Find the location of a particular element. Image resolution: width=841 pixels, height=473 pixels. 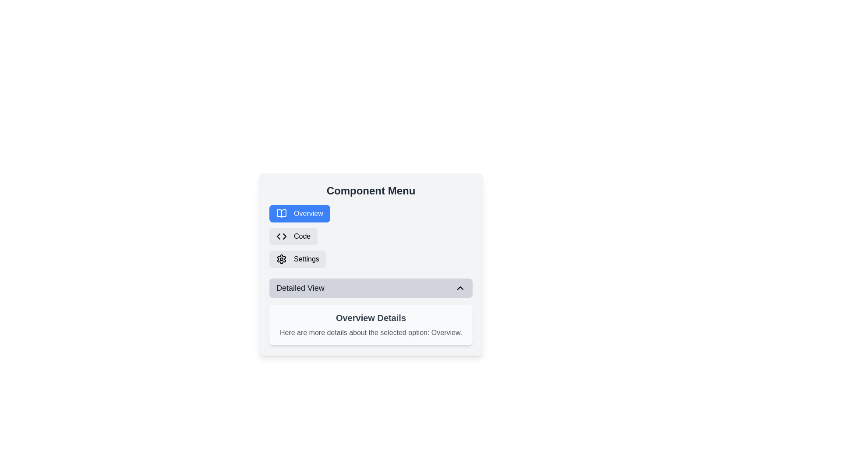

the 'Overview' button, which includes the icon representing the 'Overview' section located at the top left of the button is located at coordinates (282, 214).